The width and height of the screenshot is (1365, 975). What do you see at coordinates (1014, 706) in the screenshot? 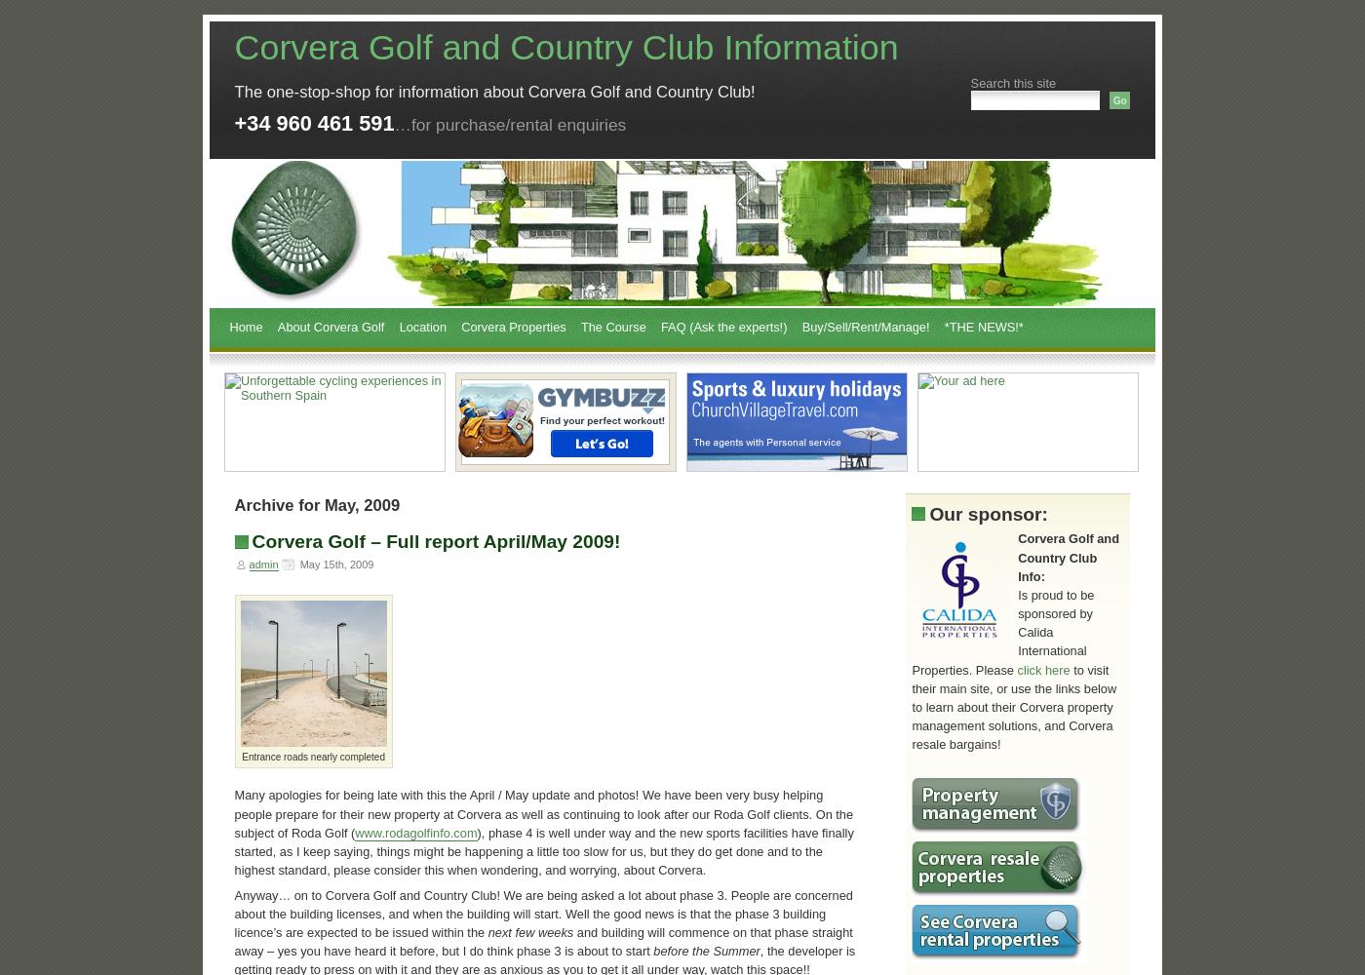
I see `'to visit their main site, or use the links below to learn about their Corvera property management solutions, and Corvera resale bargains!'` at bounding box center [1014, 706].